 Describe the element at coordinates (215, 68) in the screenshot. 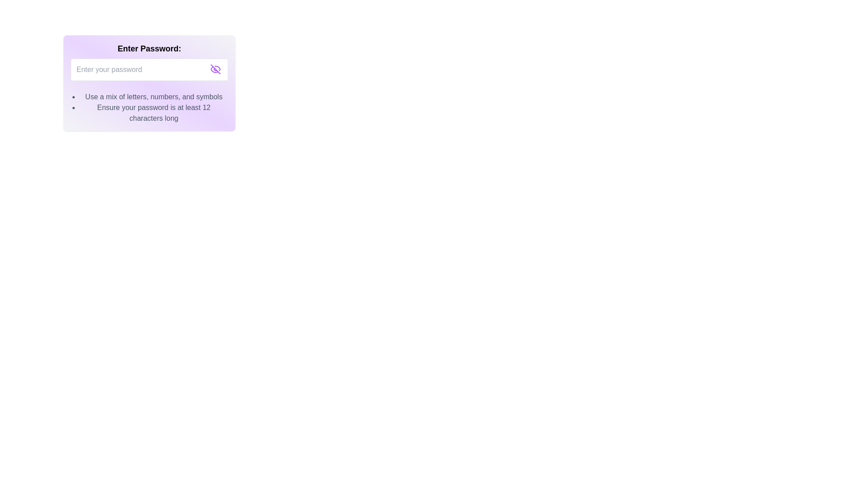

I see `the visibility toggle icon for the password field, which is positioned in the top-right corner of the input field with the placeholder 'Enter your password'` at that location.